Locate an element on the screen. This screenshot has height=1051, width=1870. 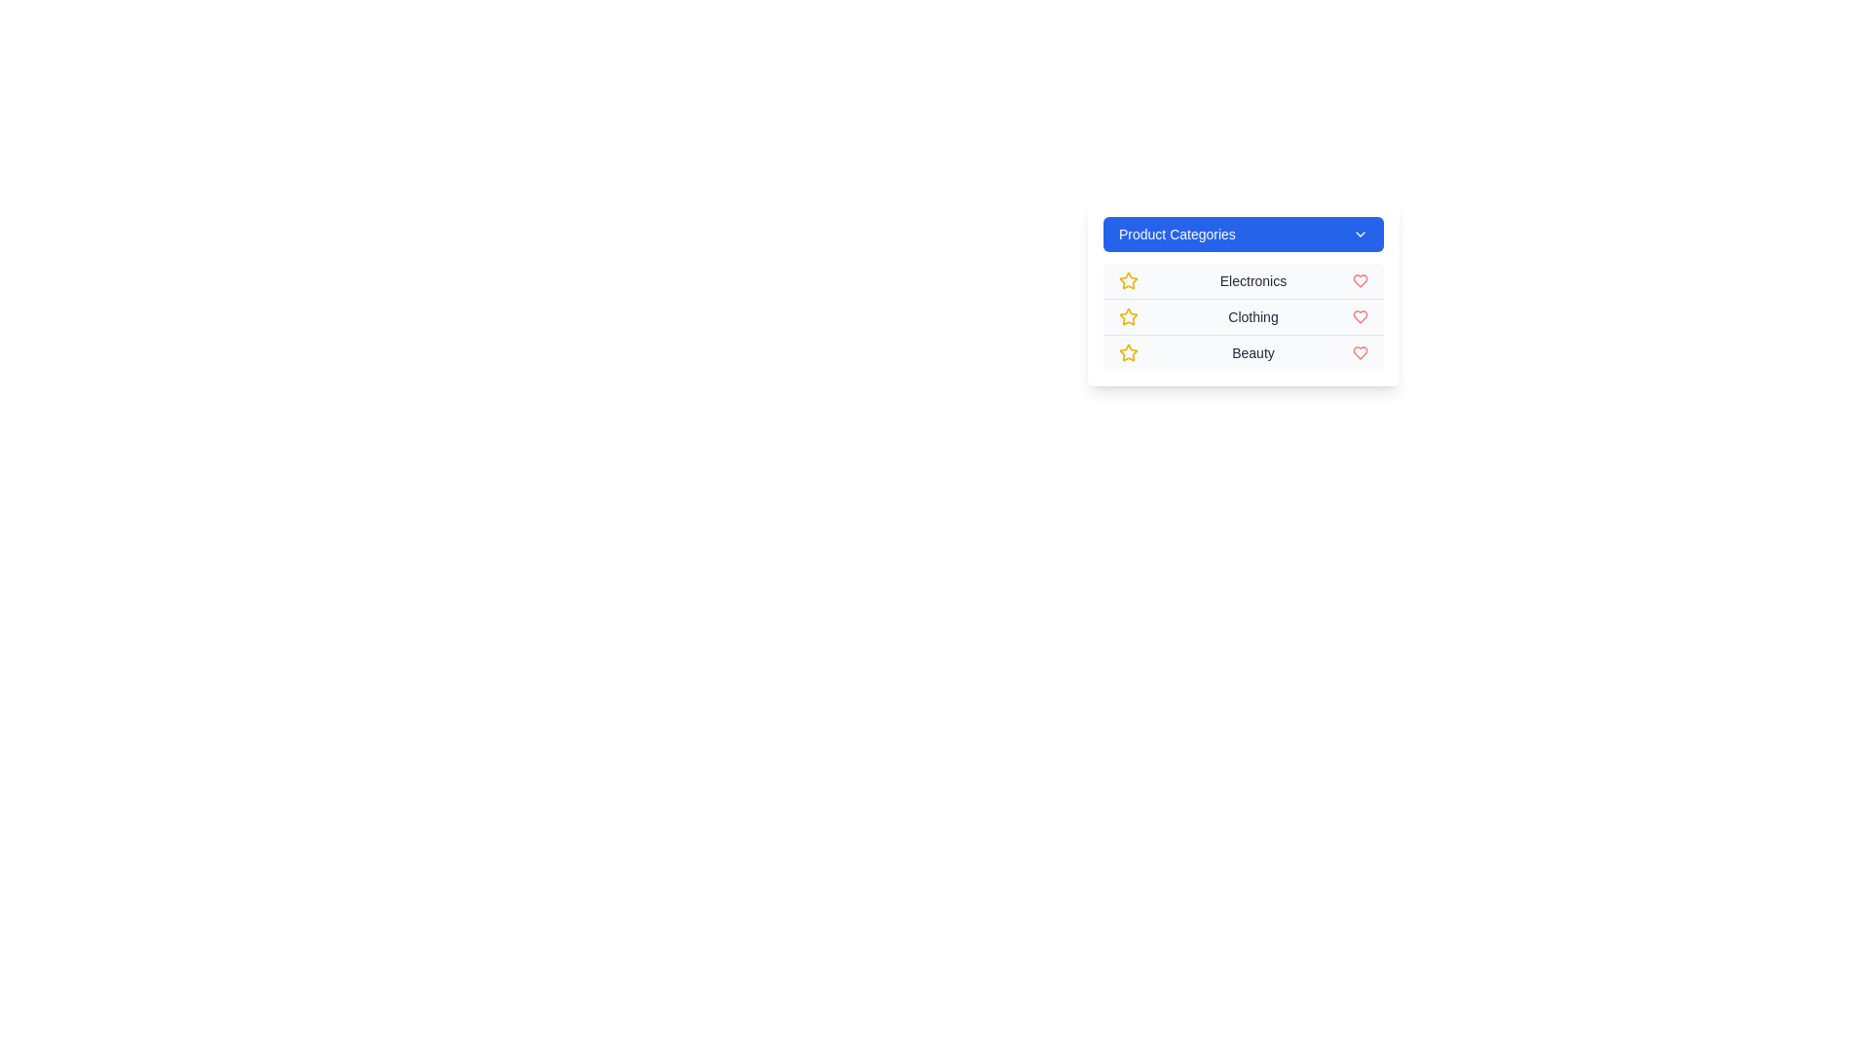
the heart icon next to the Beauty category is located at coordinates (1359, 352).